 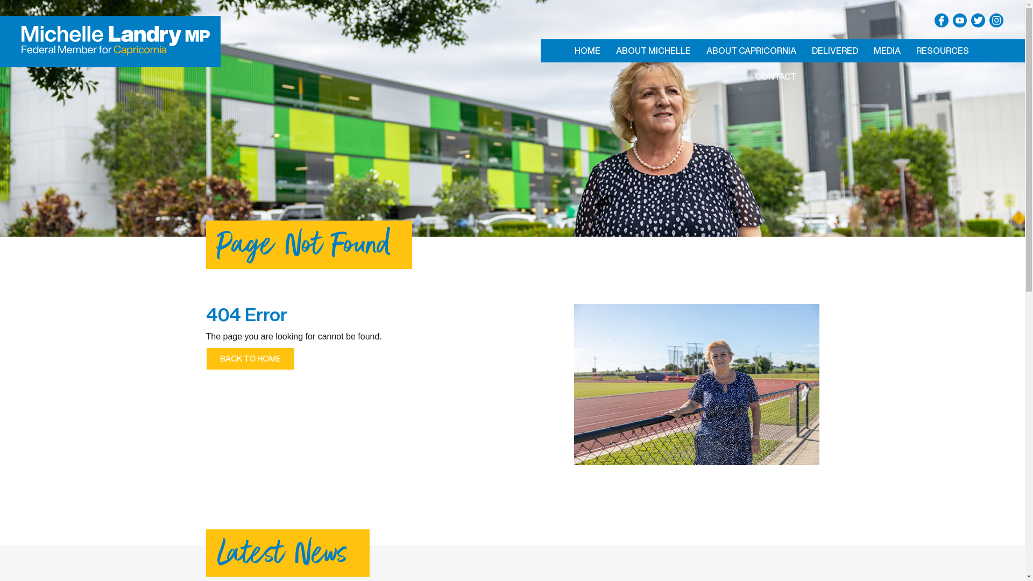 What do you see at coordinates (834, 51) in the screenshot?
I see `'DELIVERED'` at bounding box center [834, 51].